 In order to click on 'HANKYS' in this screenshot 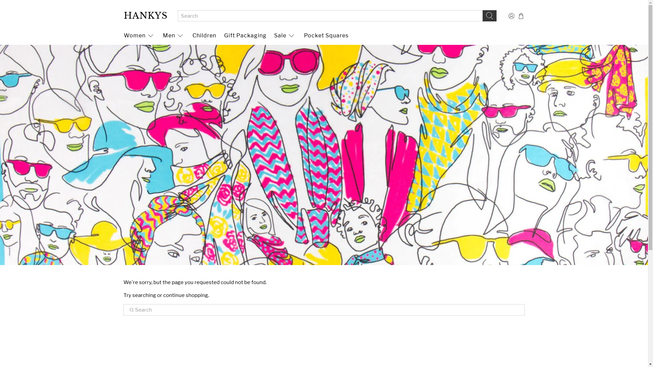, I will do `click(145, 15)`.